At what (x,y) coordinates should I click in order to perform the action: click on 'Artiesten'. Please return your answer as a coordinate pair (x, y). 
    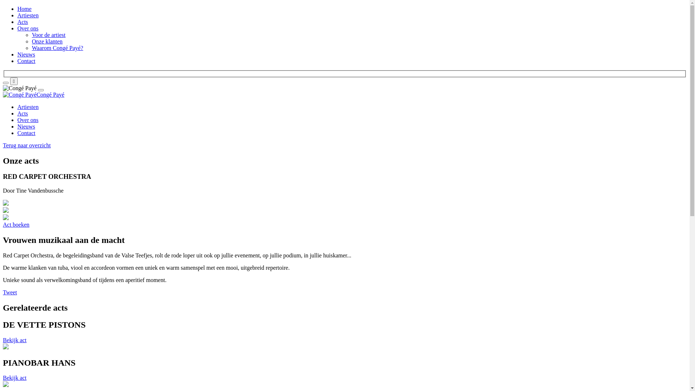
    Looking at the image, I should click on (17, 107).